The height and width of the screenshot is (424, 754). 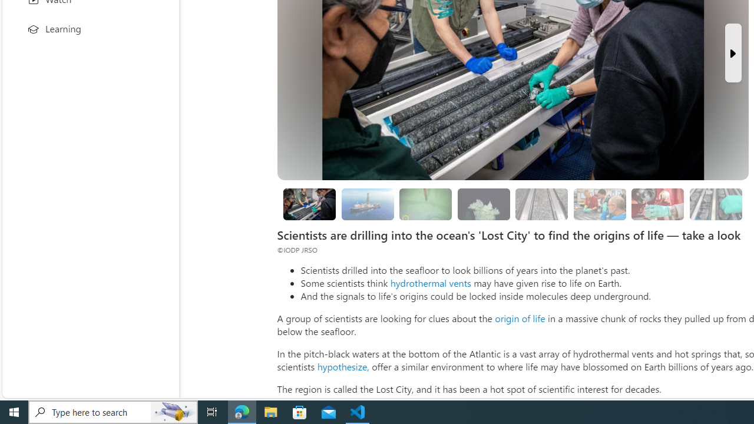 I want to click on 'The Lost City could hold clues to the origin of life.', so click(x=484, y=204).